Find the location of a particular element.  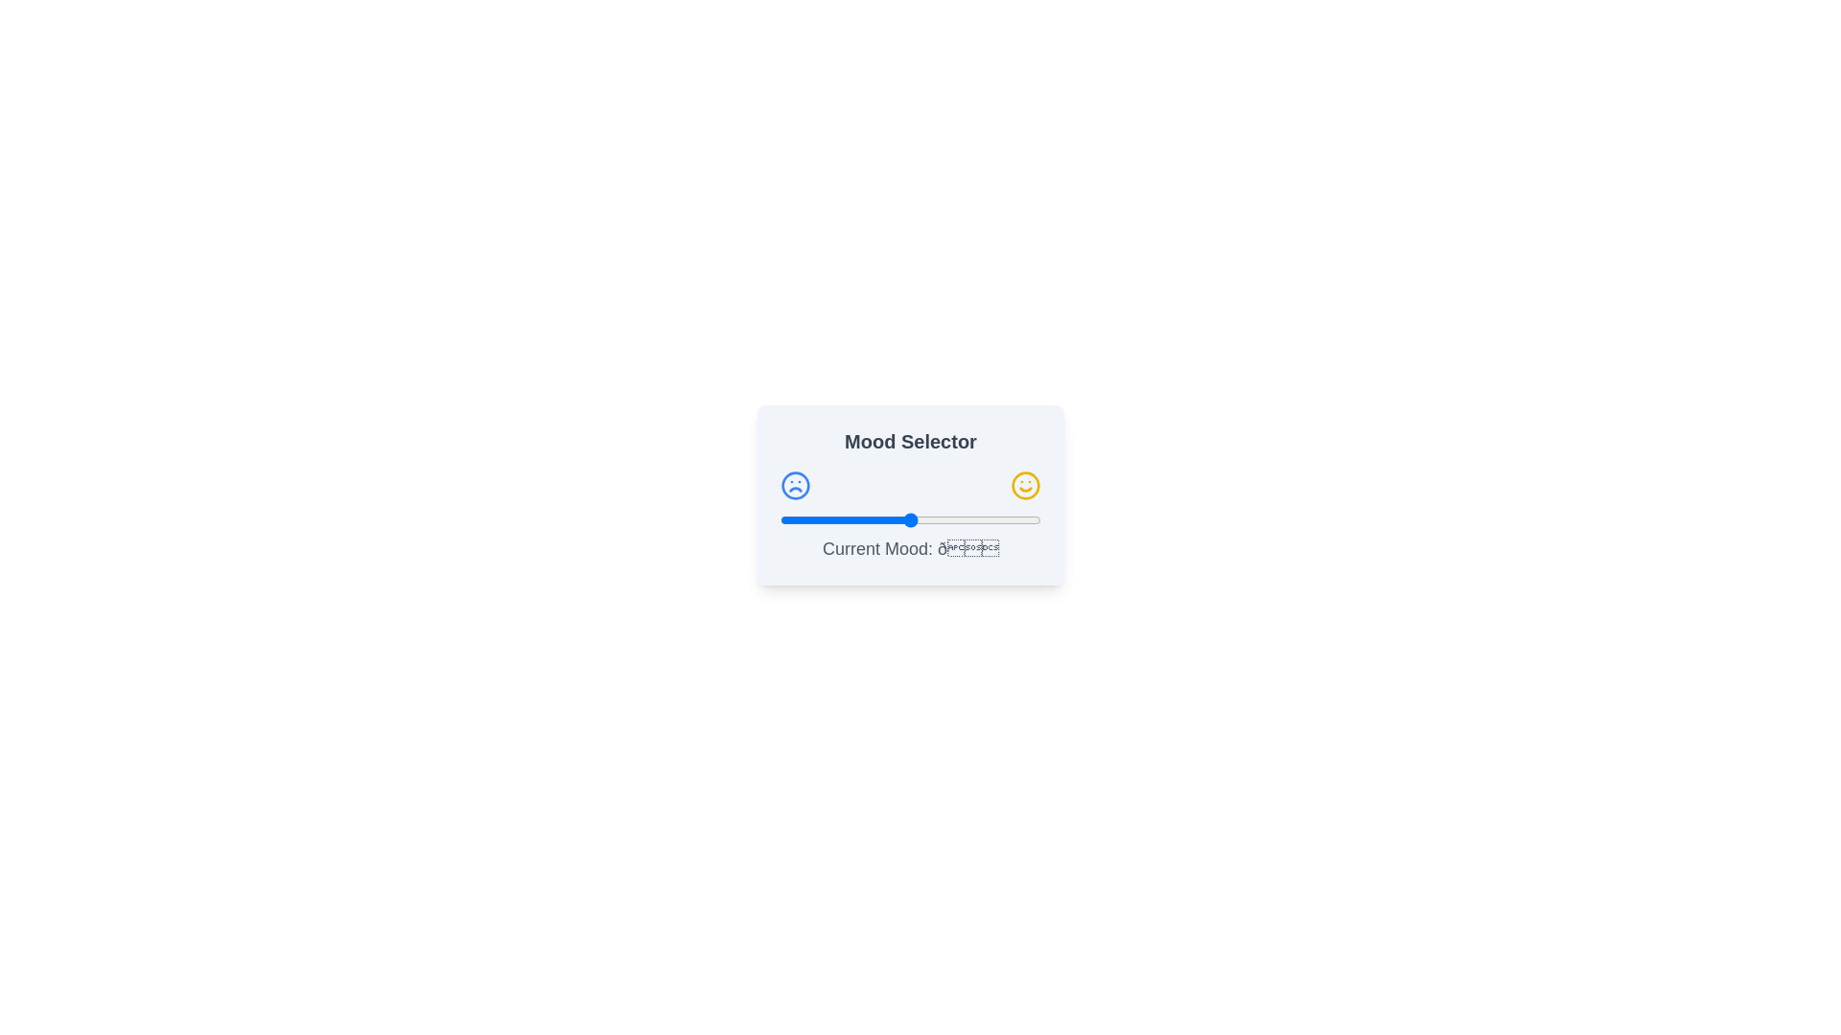

the slider to set the mood value to 43 is located at coordinates (892, 520).